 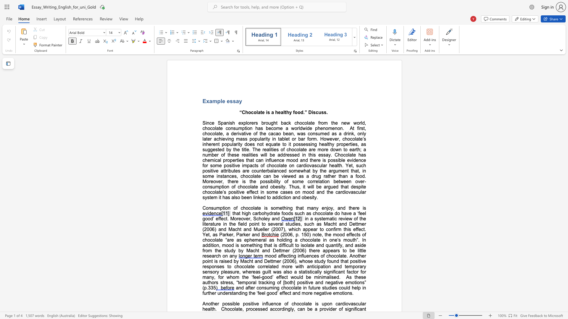 I want to click on the subset text "count" within the text "for some positive impacts of chocolate on cardiovascular health. Yet, such positive attributes are counterbalanced", so click(x=251, y=171).